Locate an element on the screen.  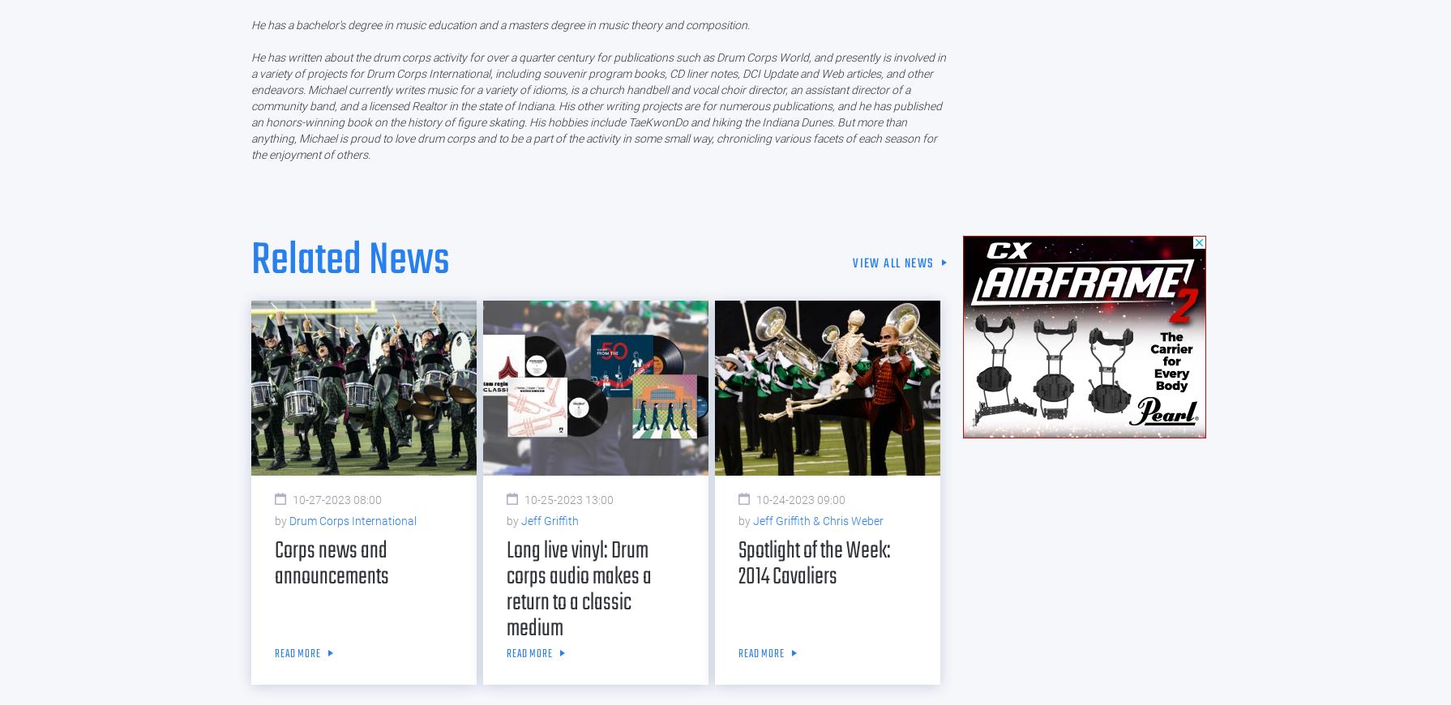
'10-27-2023 08:00' is located at coordinates (336, 499).